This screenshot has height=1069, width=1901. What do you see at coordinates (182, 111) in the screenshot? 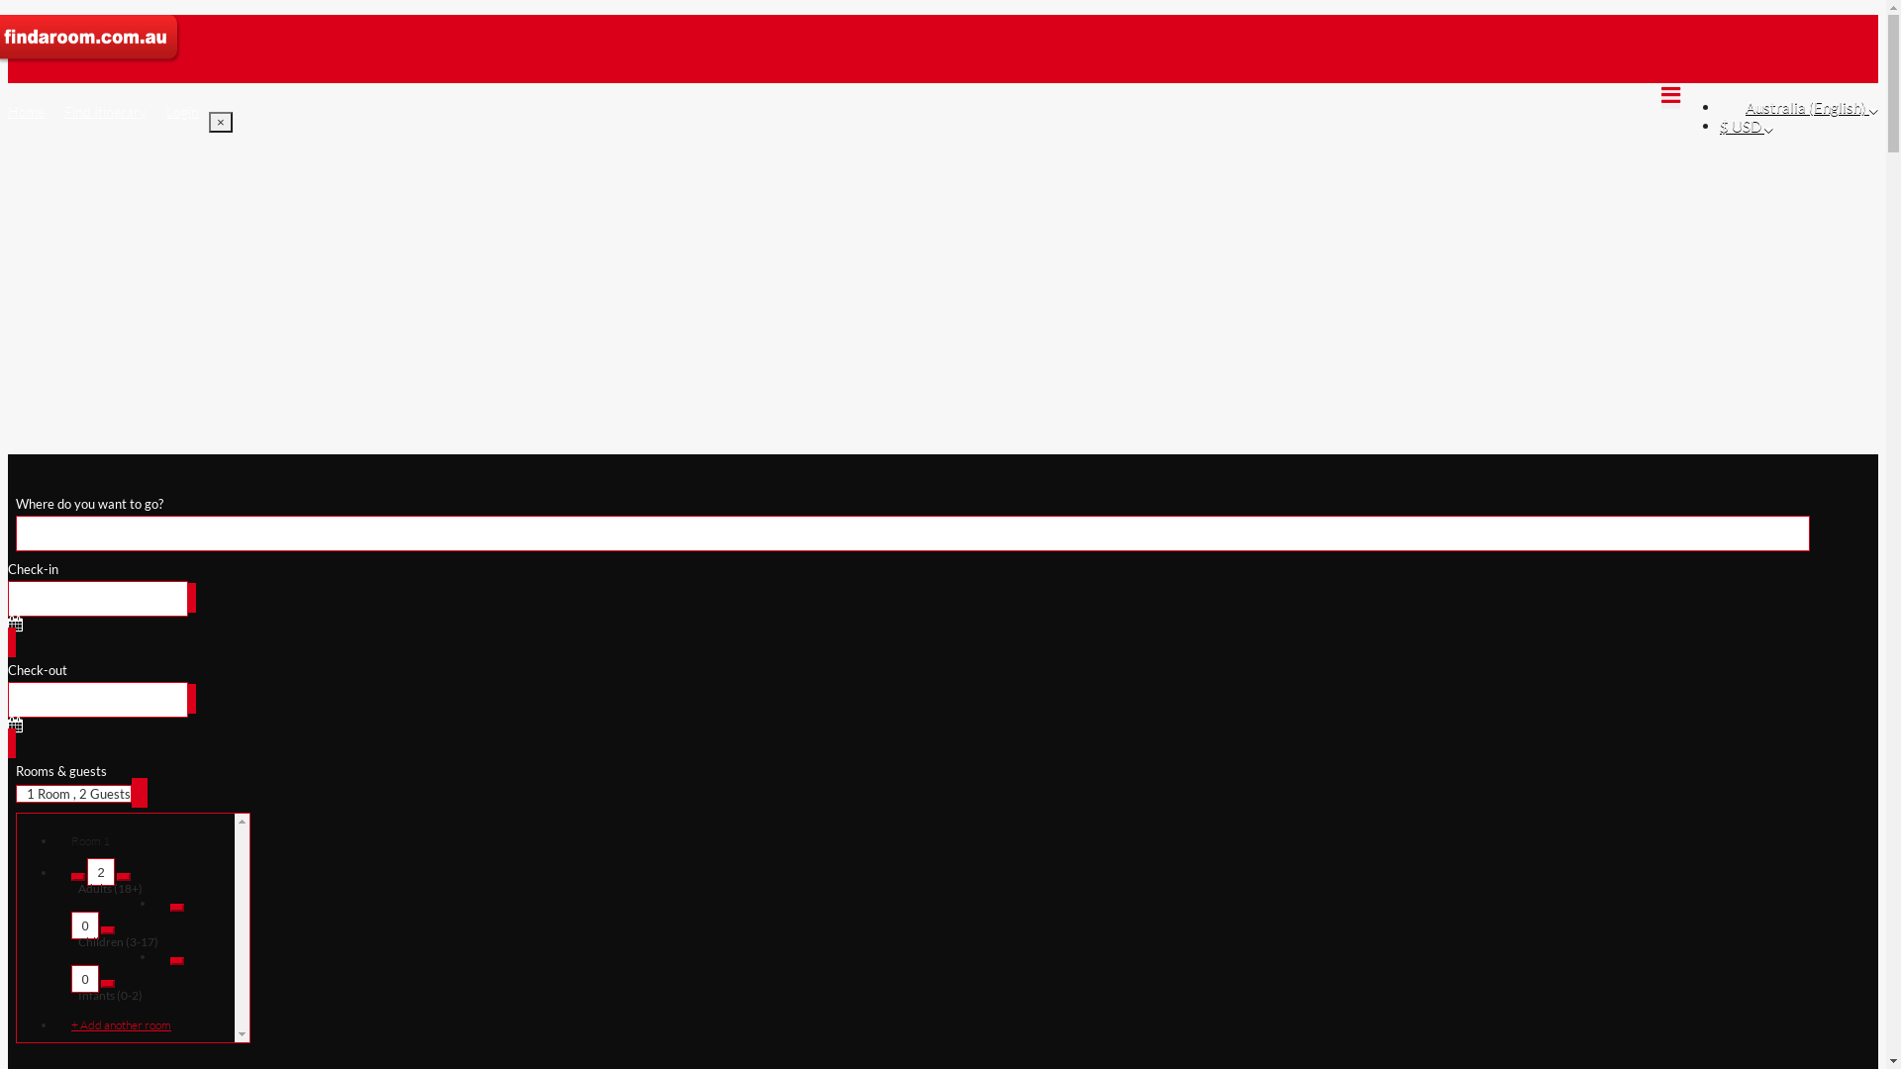
I see `'Login'` at bounding box center [182, 111].